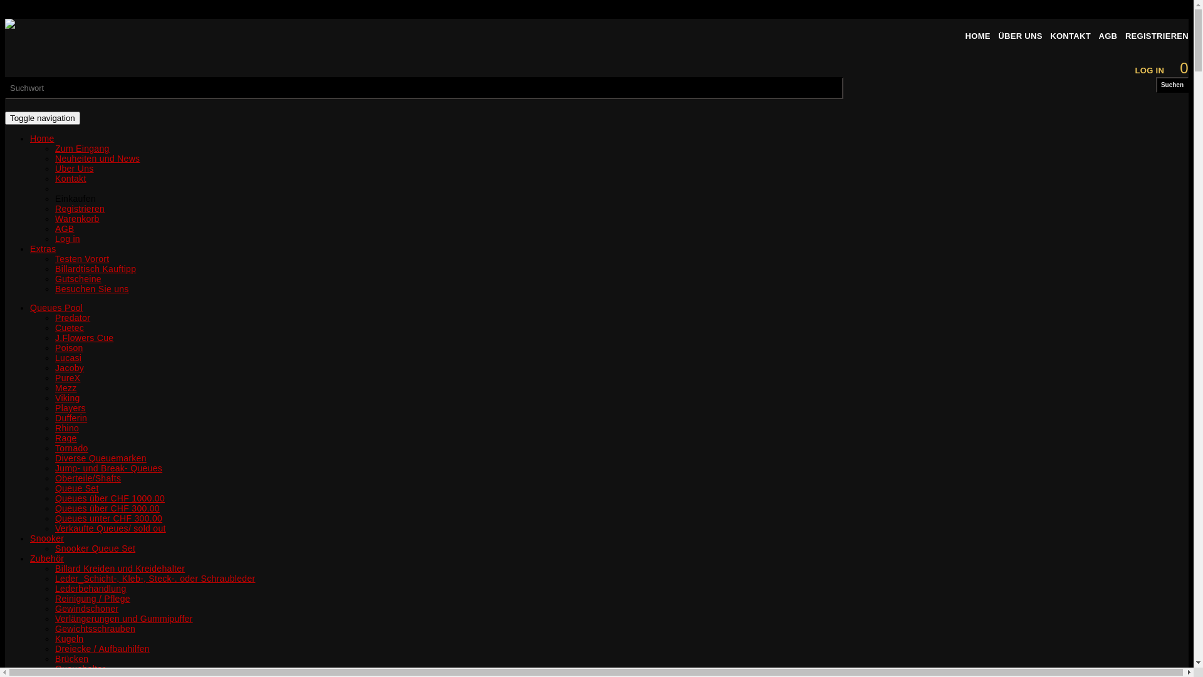 The height and width of the screenshot is (677, 1203). What do you see at coordinates (154, 578) in the screenshot?
I see `'Leder_Schicht-, Kleb-, Steck-. oder Schraubleder'` at bounding box center [154, 578].